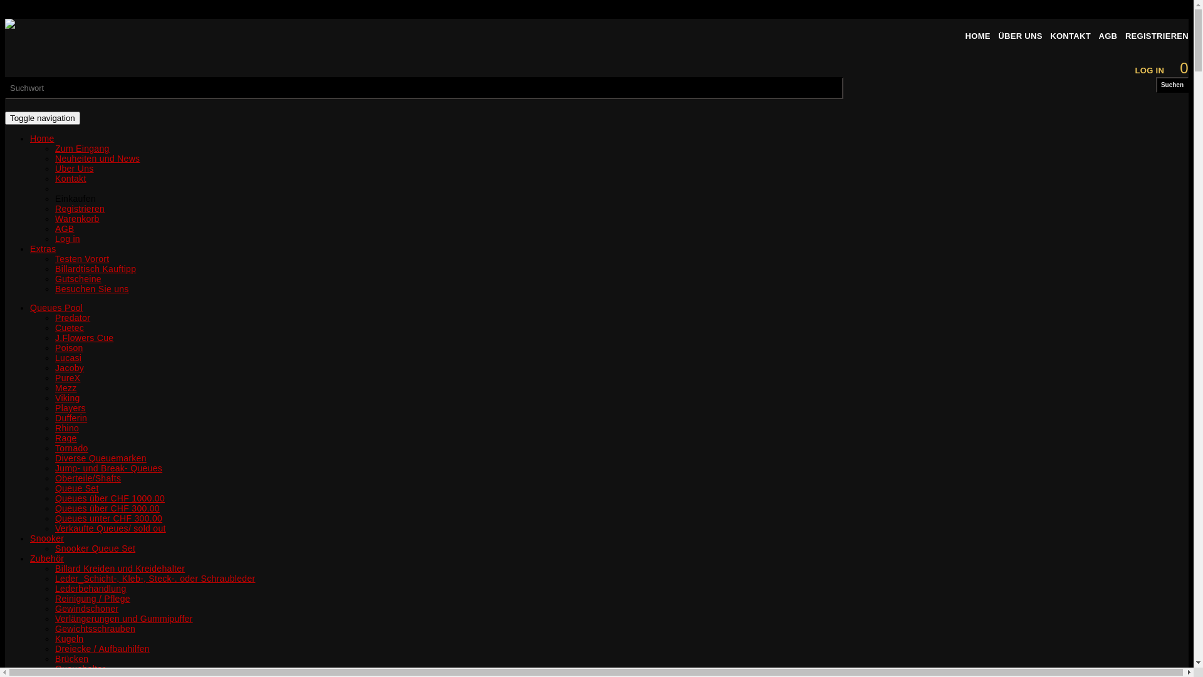 The height and width of the screenshot is (677, 1203). What do you see at coordinates (154, 578) in the screenshot?
I see `'Leder_Schicht-, Kleb-, Steck-. oder Schraubleder'` at bounding box center [154, 578].